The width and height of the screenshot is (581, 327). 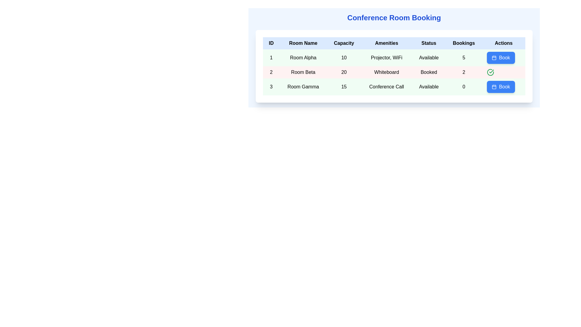 What do you see at coordinates (504, 58) in the screenshot?
I see `the button located in the seventh column of the first row under the 'Actions' heading to initiate the booking process for 'Room Alpha'` at bounding box center [504, 58].